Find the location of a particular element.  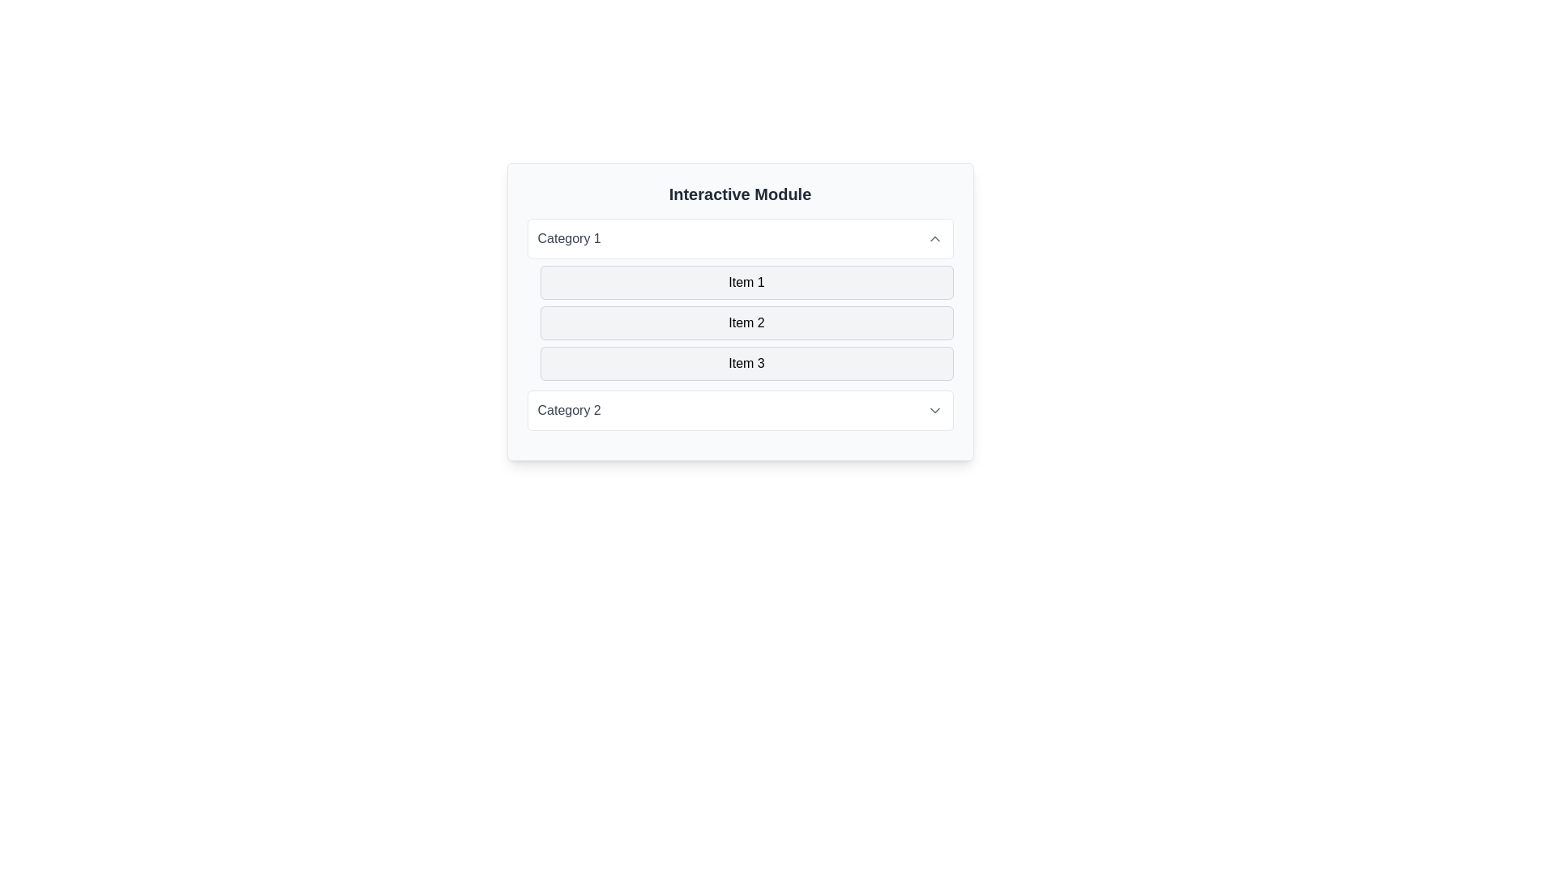

the Label or Text Display located below the 'Interactive Module' header, positioned towards the bottom-left side next to an arrow icon is located at coordinates (569, 409).